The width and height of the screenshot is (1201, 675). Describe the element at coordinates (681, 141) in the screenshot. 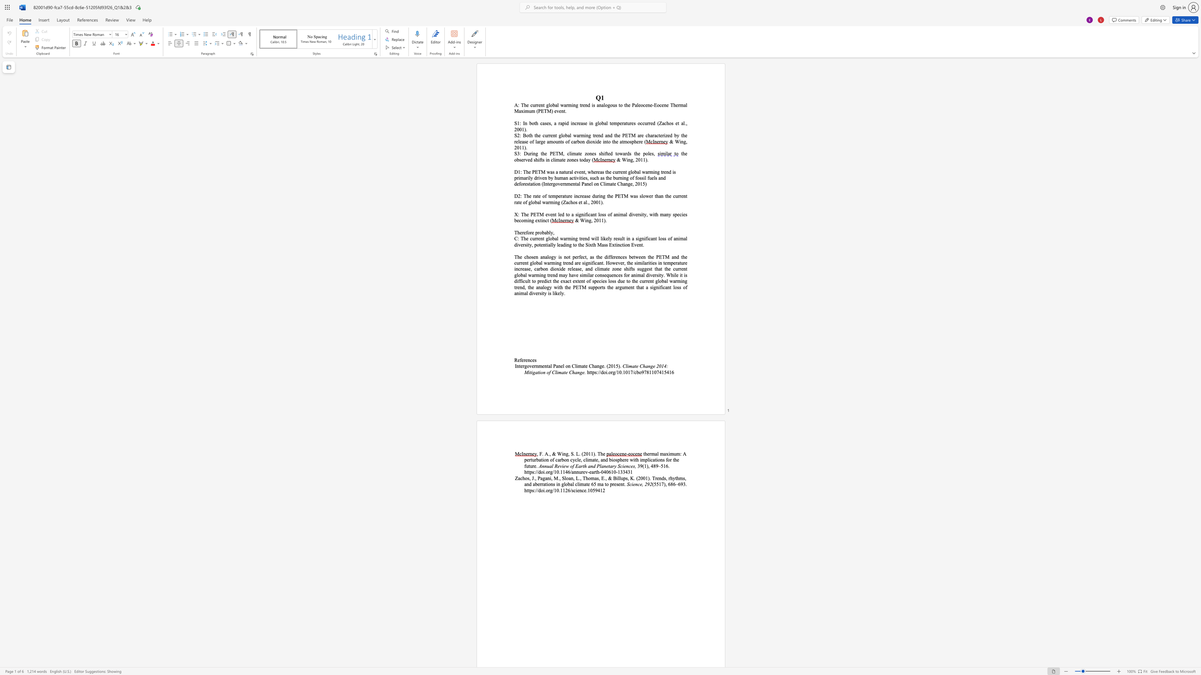

I see `the subset text "ng, 20" within the text "& Wing, 2011)."` at that location.